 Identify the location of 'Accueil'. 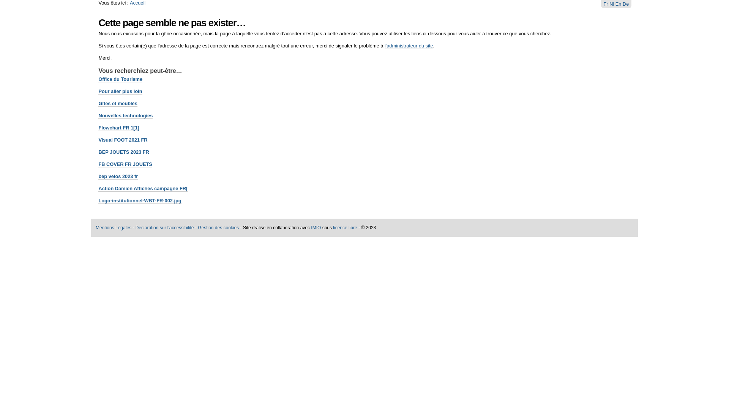
(137, 3).